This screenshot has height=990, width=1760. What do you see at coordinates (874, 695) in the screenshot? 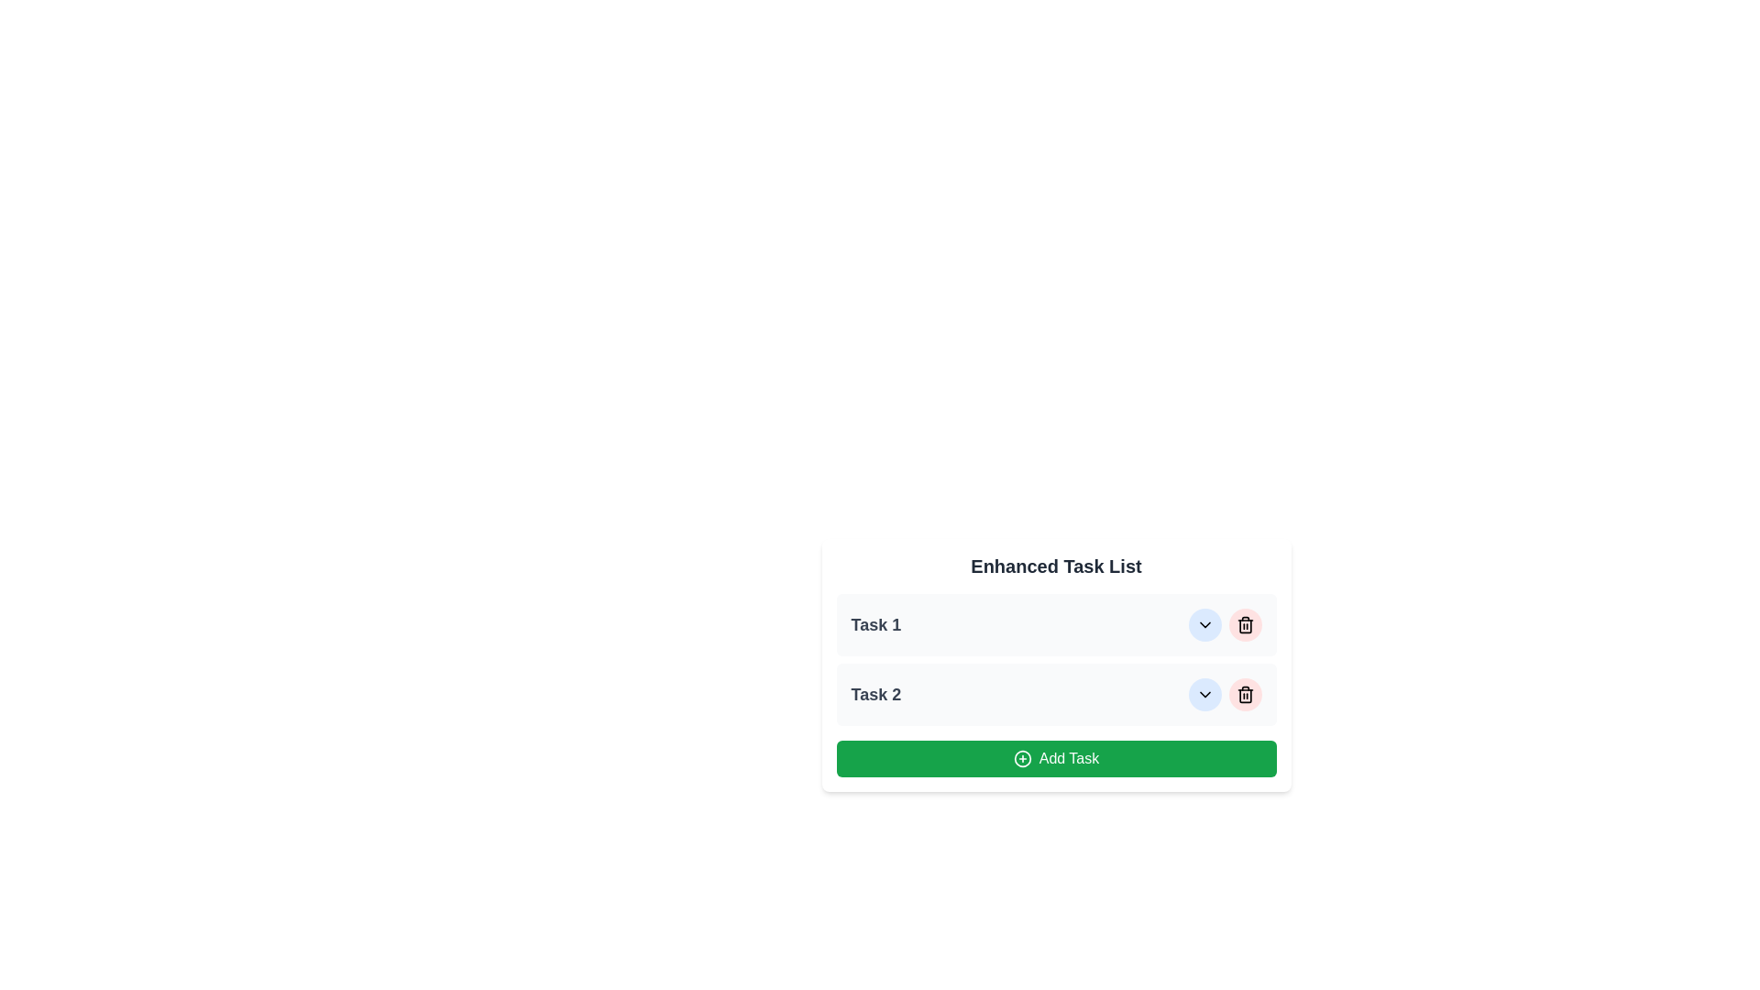
I see `text label that displays 'Task 2', which is located in the second row of the vertical task list layout and is adjacent to interactive icons` at bounding box center [874, 695].